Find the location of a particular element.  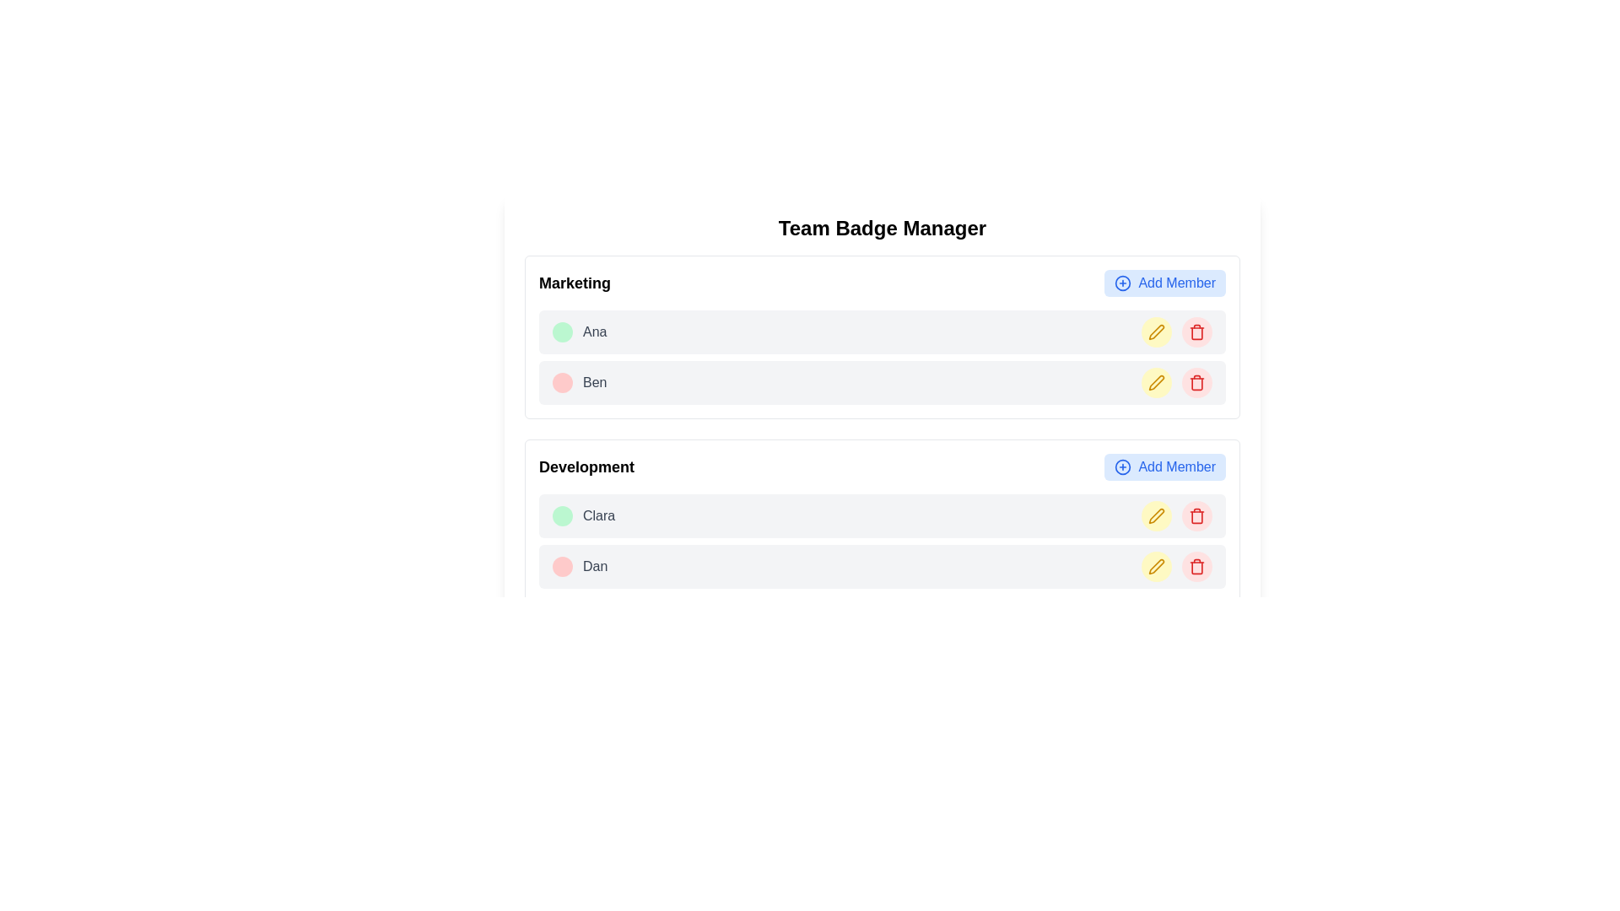

the 'Add Member' icon located on the left side of the button in the upper-right corner of the 'Marketing' section is located at coordinates (1122, 282).